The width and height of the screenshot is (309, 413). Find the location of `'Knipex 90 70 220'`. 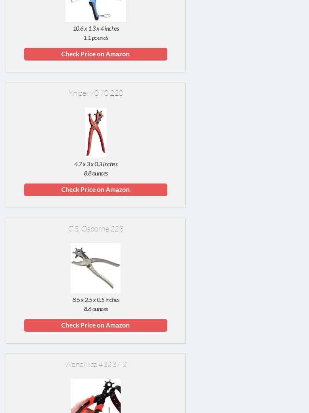

'Knipex 90 70 220' is located at coordinates (95, 92).